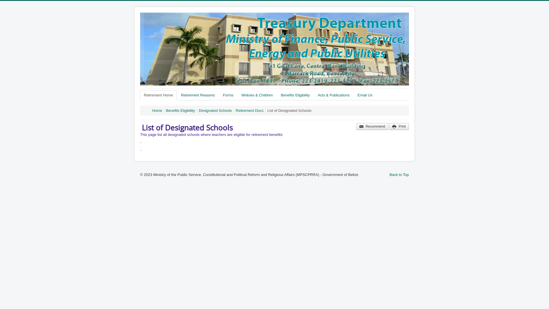  I want to click on 'Print', so click(399, 126).